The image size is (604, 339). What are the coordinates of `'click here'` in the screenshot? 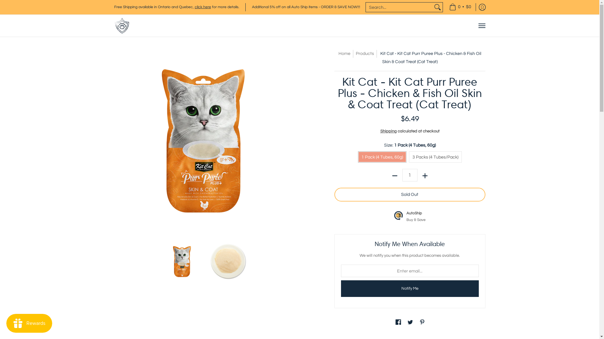 It's located at (202, 7).